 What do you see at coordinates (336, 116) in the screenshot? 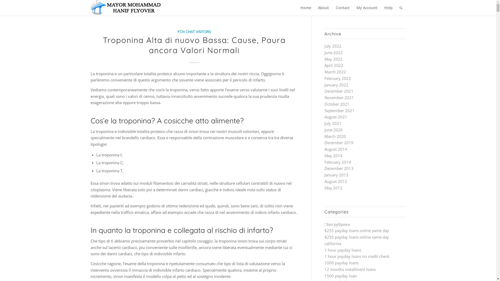
I see `'August 2021'` at bounding box center [336, 116].